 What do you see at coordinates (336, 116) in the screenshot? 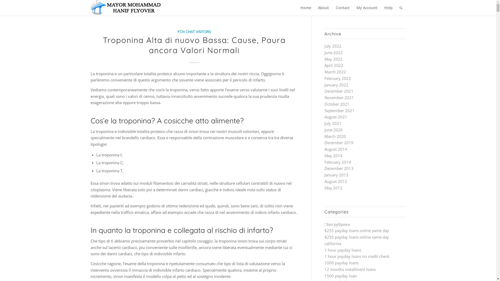
I see `'August 2021'` at bounding box center [336, 116].